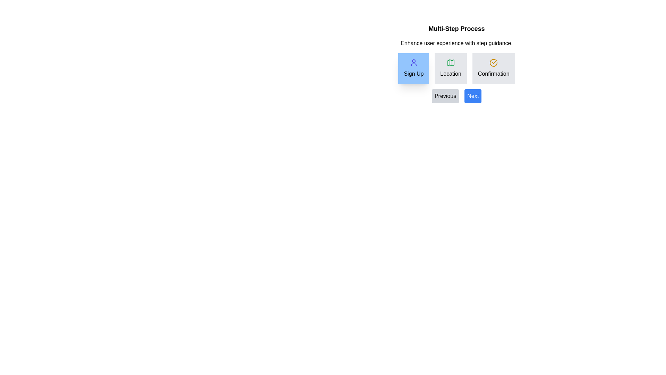 Image resolution: width=666 pixels, height=375 pixels. Describe the element at coordinates (451, 63) in the screenshot. I see `the 'Location' icon in the navigation interface, which is positioned between 'Sign Up' and 'Confirmation' sections` at that location.